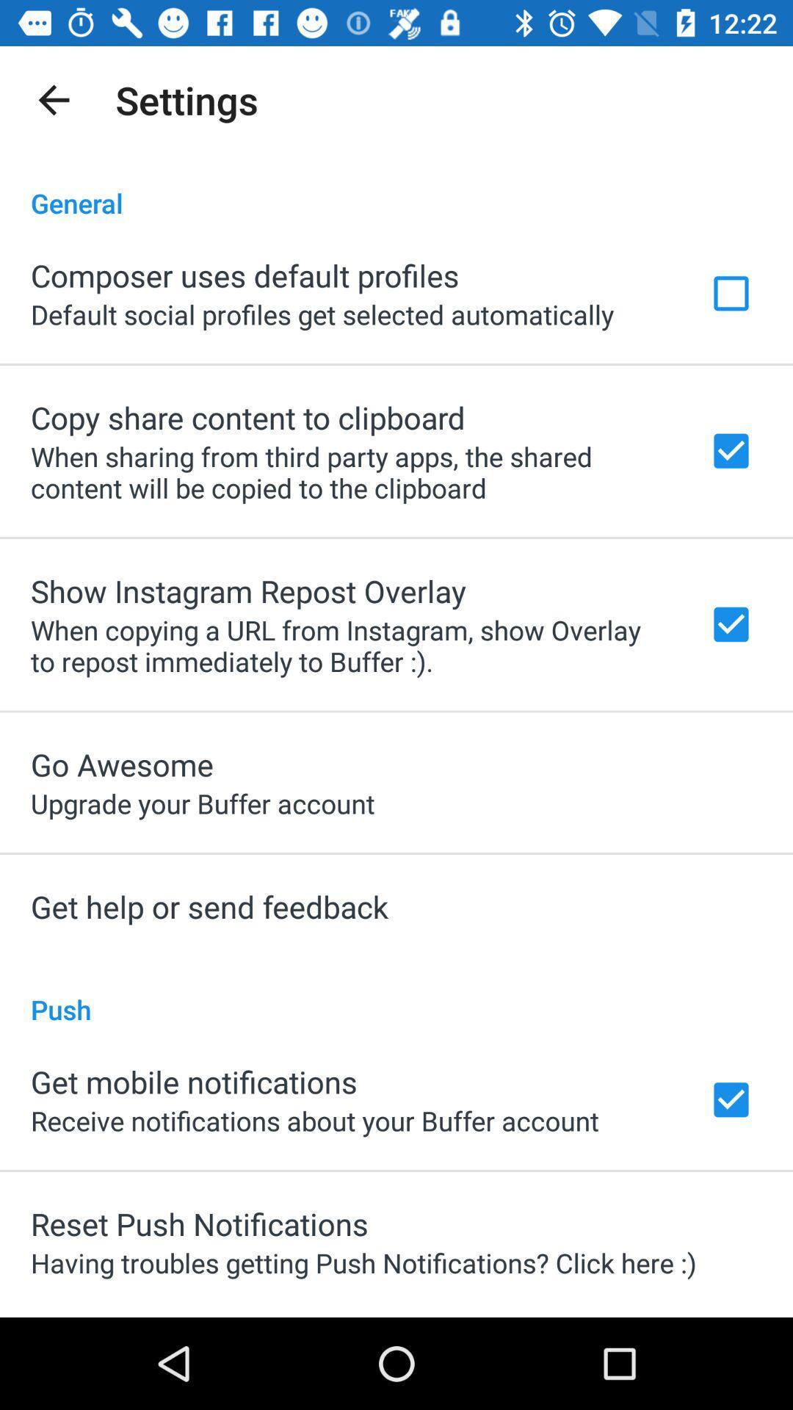  What do you see at coordinates (363, 1262) in the screenshot?
I see `item below the reset push notifications app` at bounding box center [363, 1262].